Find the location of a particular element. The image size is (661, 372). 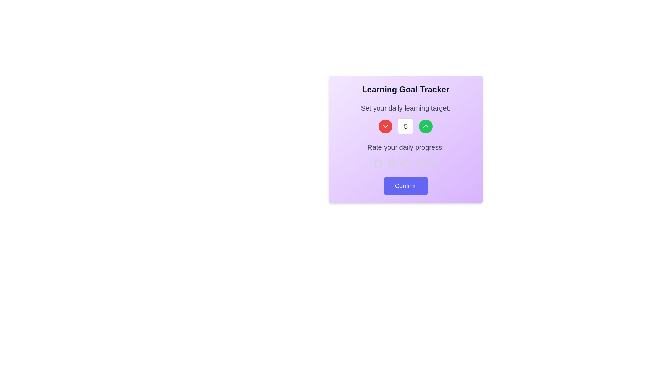

the static text label that informs the user about the purpose of the rating interface, located above the star icons for rating is located at coordinates (406, 147).